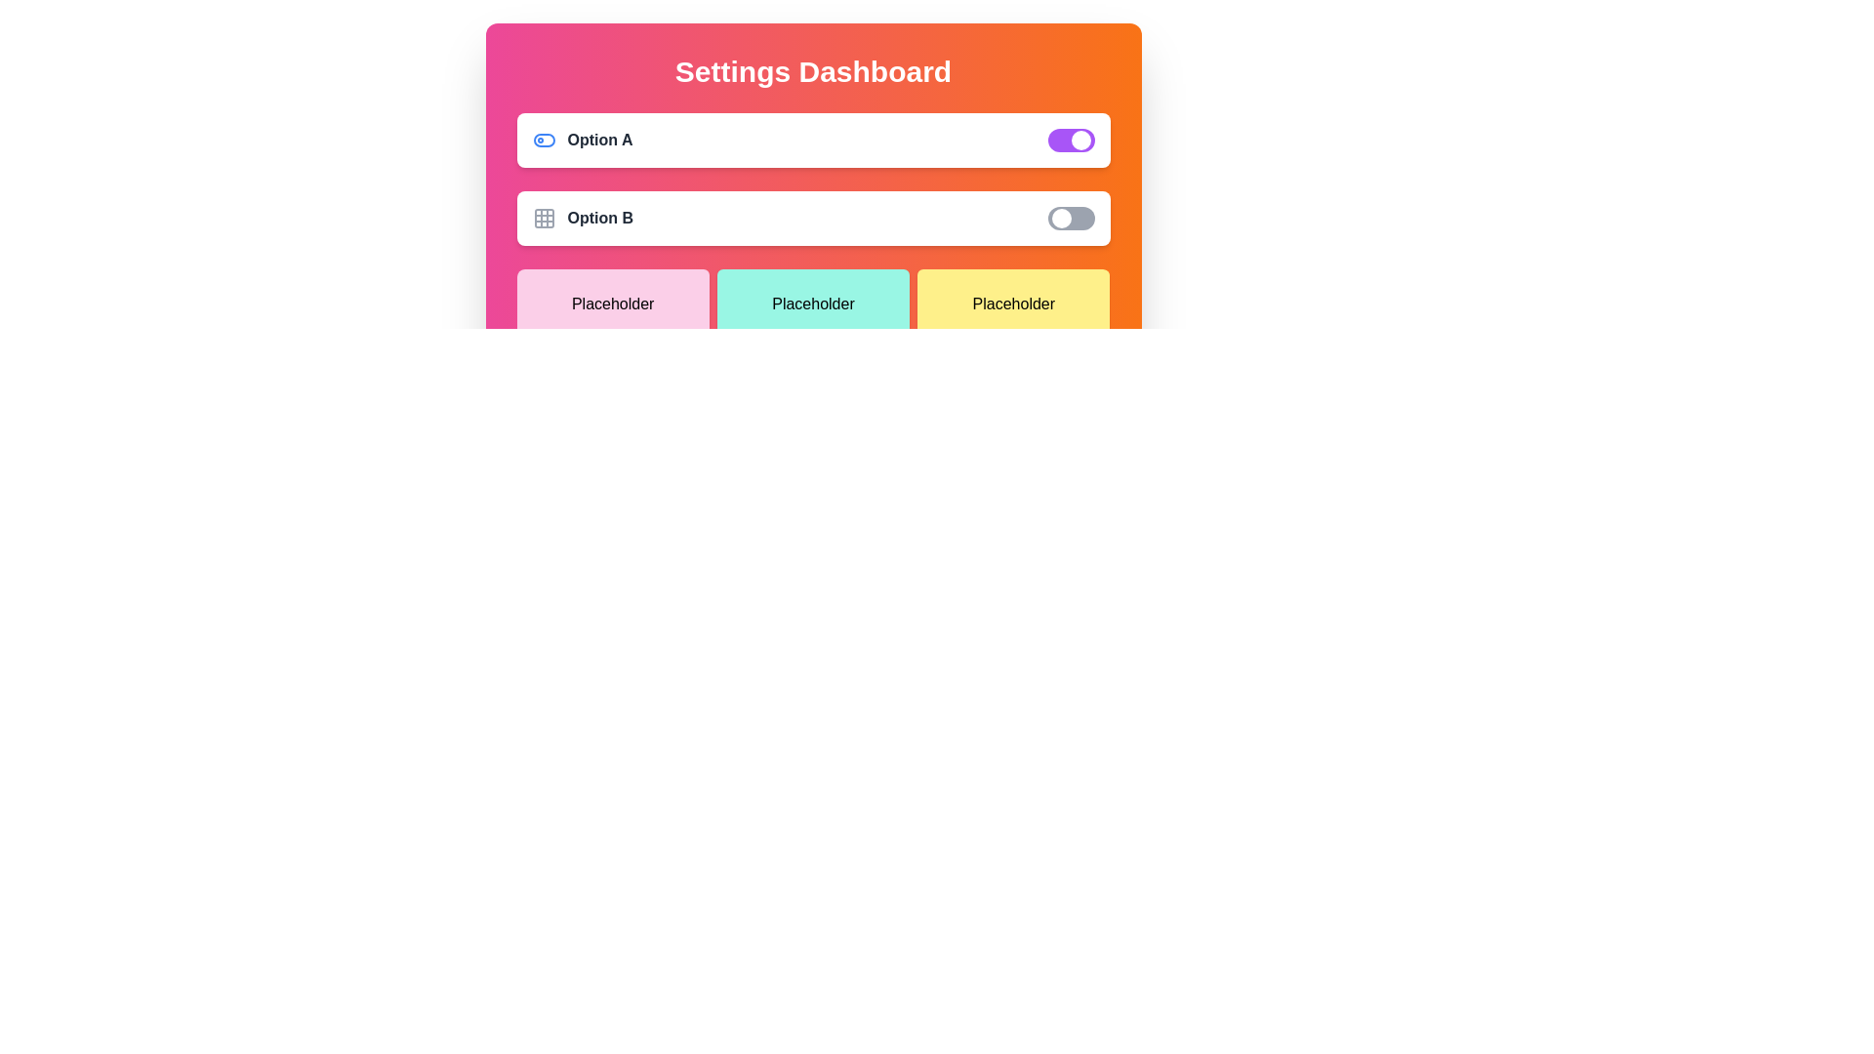 This screenshot has width=1874, height=1054. Describe the element at coordinates (599, 218) in the screenshot. I see `the 'Option B' text label, which is styled with a bold font and dark gray color, located in the center-right part of the settings dashboard next to a grid icon` at that location.